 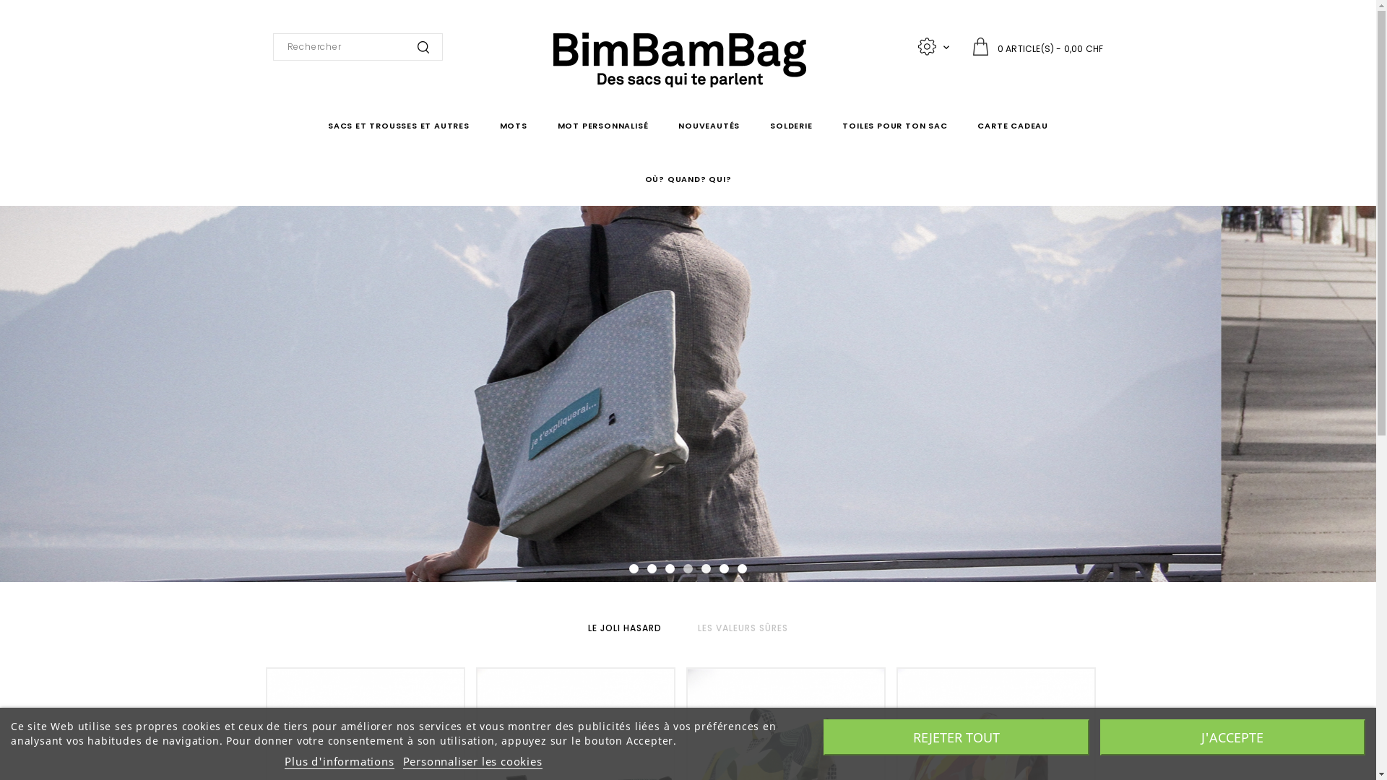 I want to click on 'LE JOLI HASARD', so click(x=624, y=626).